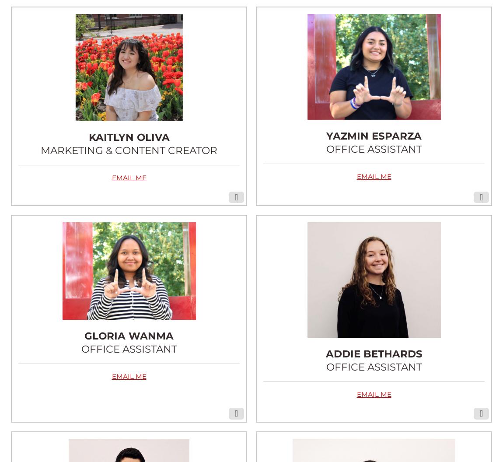 The height and width of the screenshot is (462, 503). I want to click on 'ABOUT CHRISTINA', so click(340, 443).